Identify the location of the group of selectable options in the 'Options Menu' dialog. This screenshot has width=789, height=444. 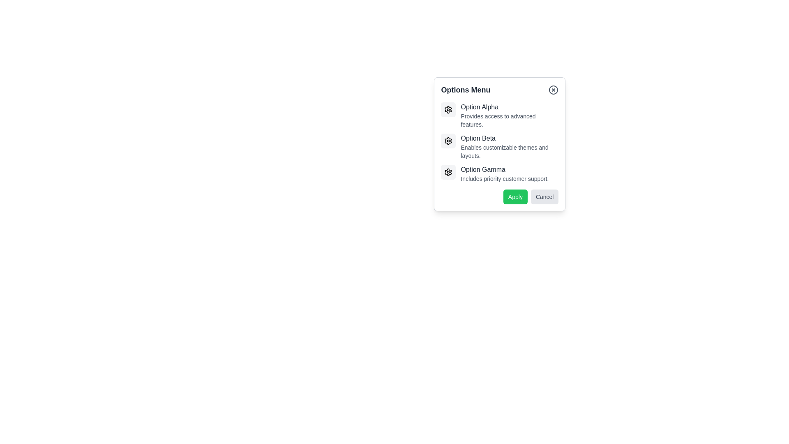
(499, 142).